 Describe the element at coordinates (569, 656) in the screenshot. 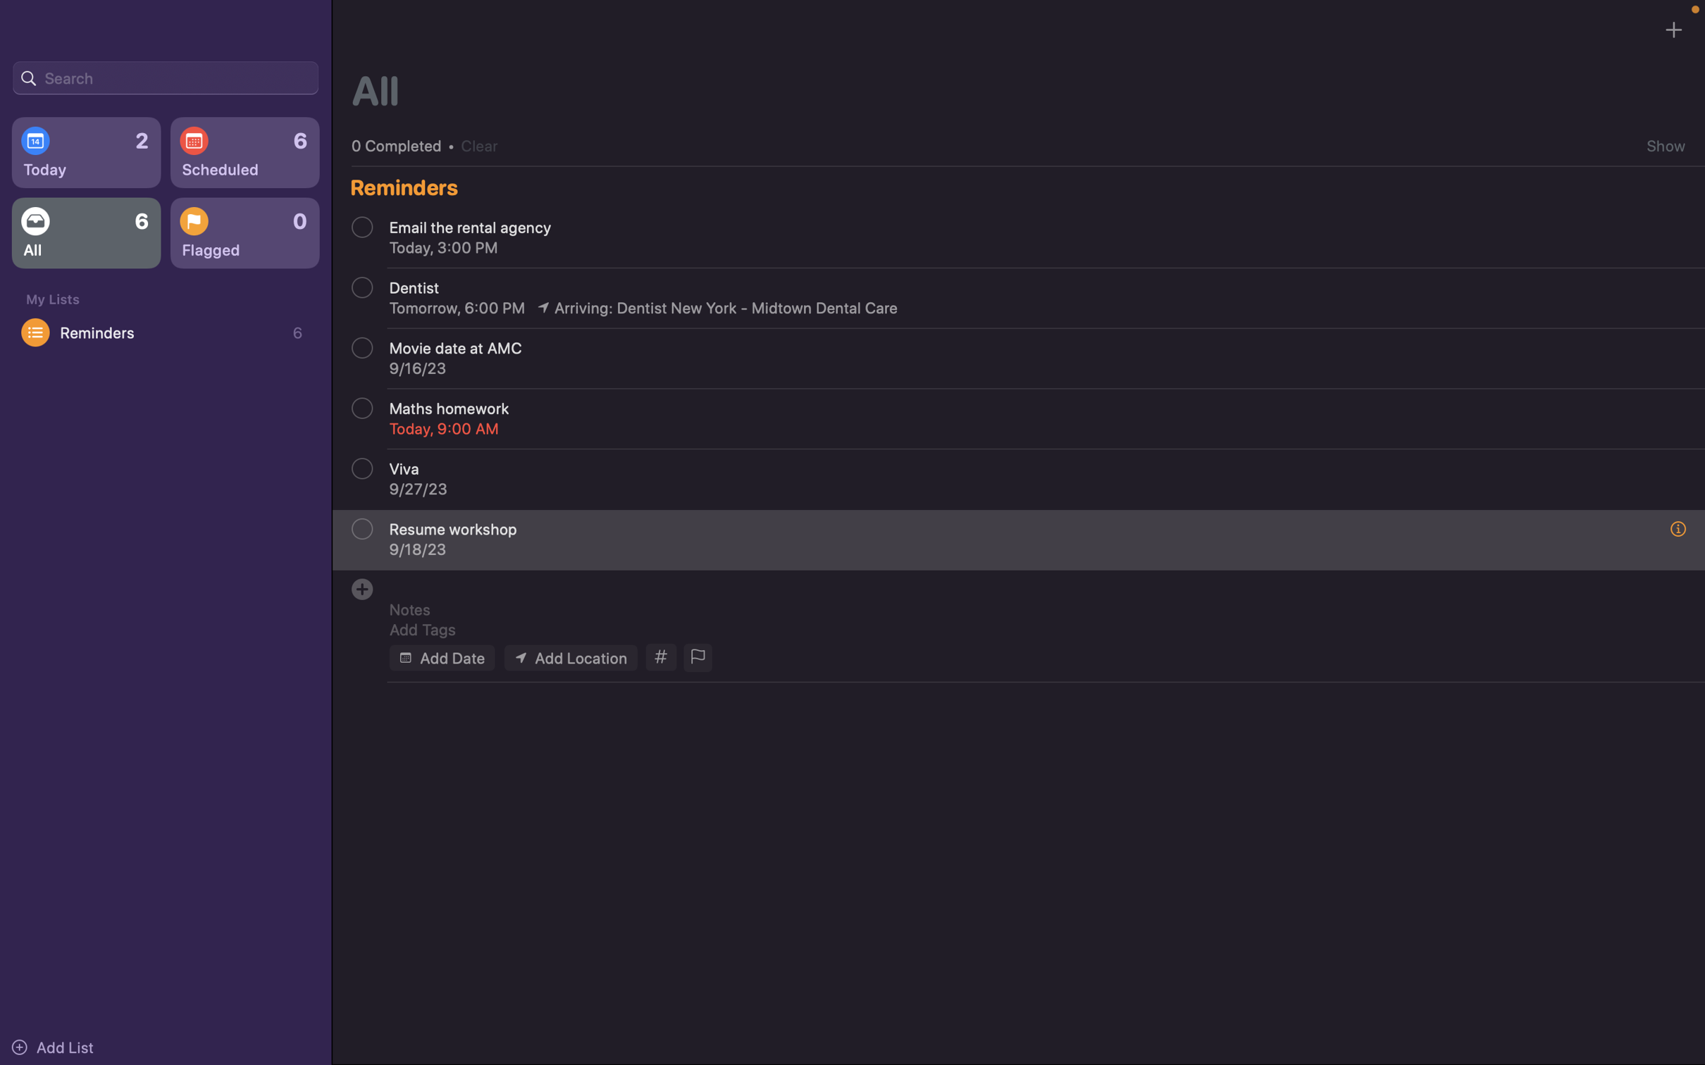

I see `Insert "my house" as the venue of the event` at that location.